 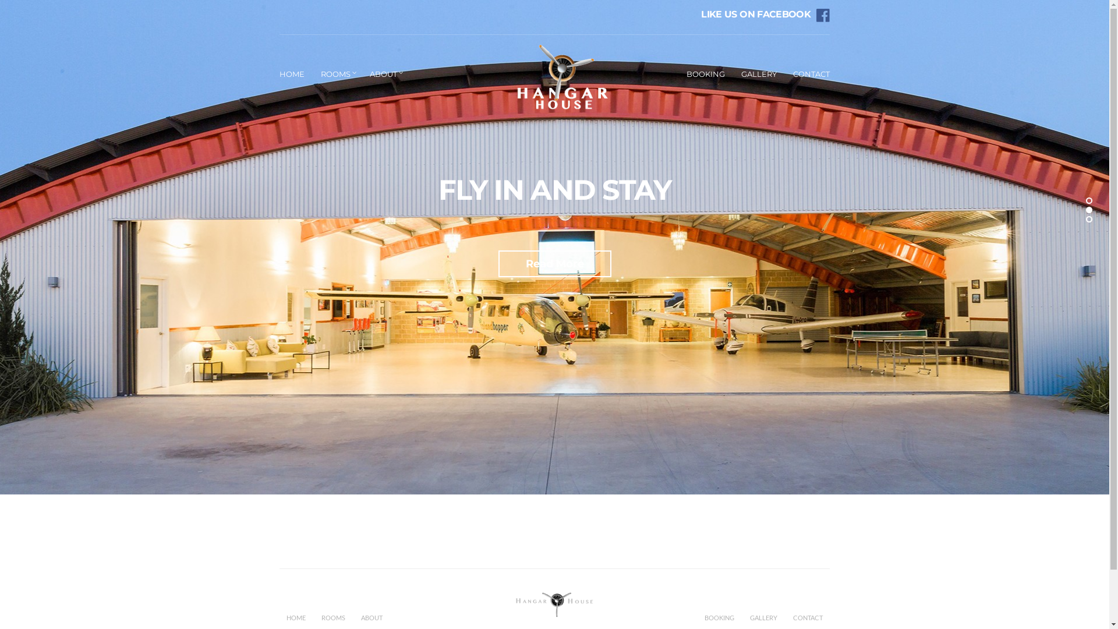 I want to click on '3', so click(x=1088, y=219).